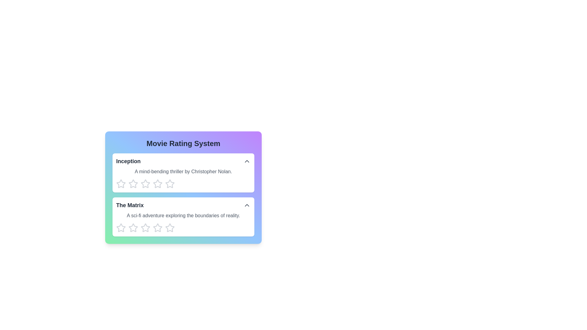  What do you see at coordinates (157, 183) in the screenshot?
I see `the hollow five-pointed star icon, which is the third star from the left` at bounding box center [157, 183].